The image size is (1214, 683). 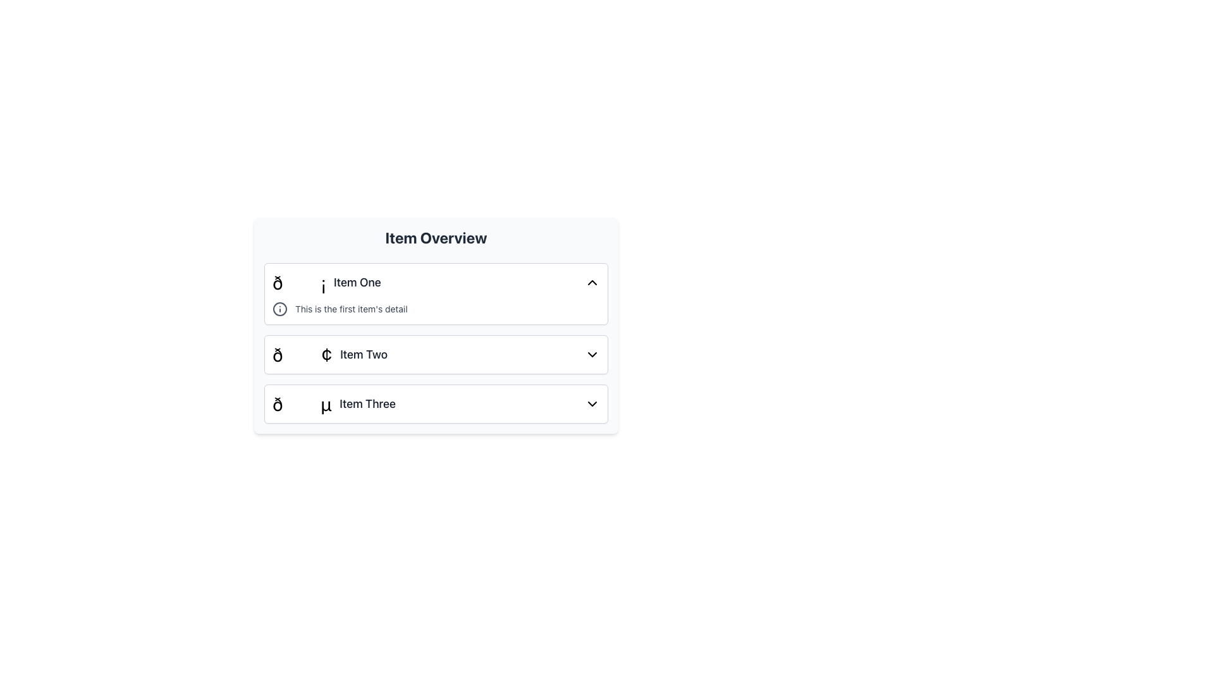 What do you see at coordinates (591, 282) in the screenshot?
I see `the upward-pointing chevron icon located on the right side of the list item labeled 'Item One'` at bounding box center [591, 282].